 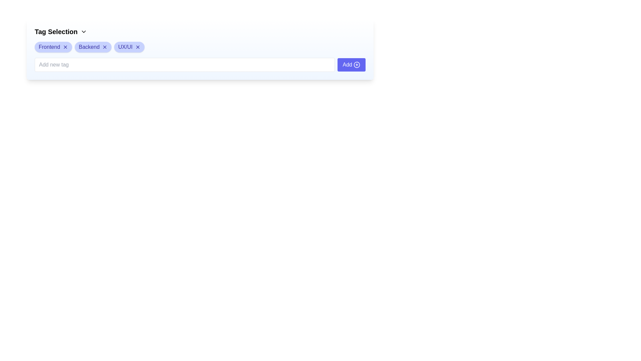 What do you see at coordinates (65, 47) in the screenshot?
I see `the 'X' icon button with a blue background located within the 'Frontend' tag to observe the hover effect changing its color` at bounding box center [65, 47].